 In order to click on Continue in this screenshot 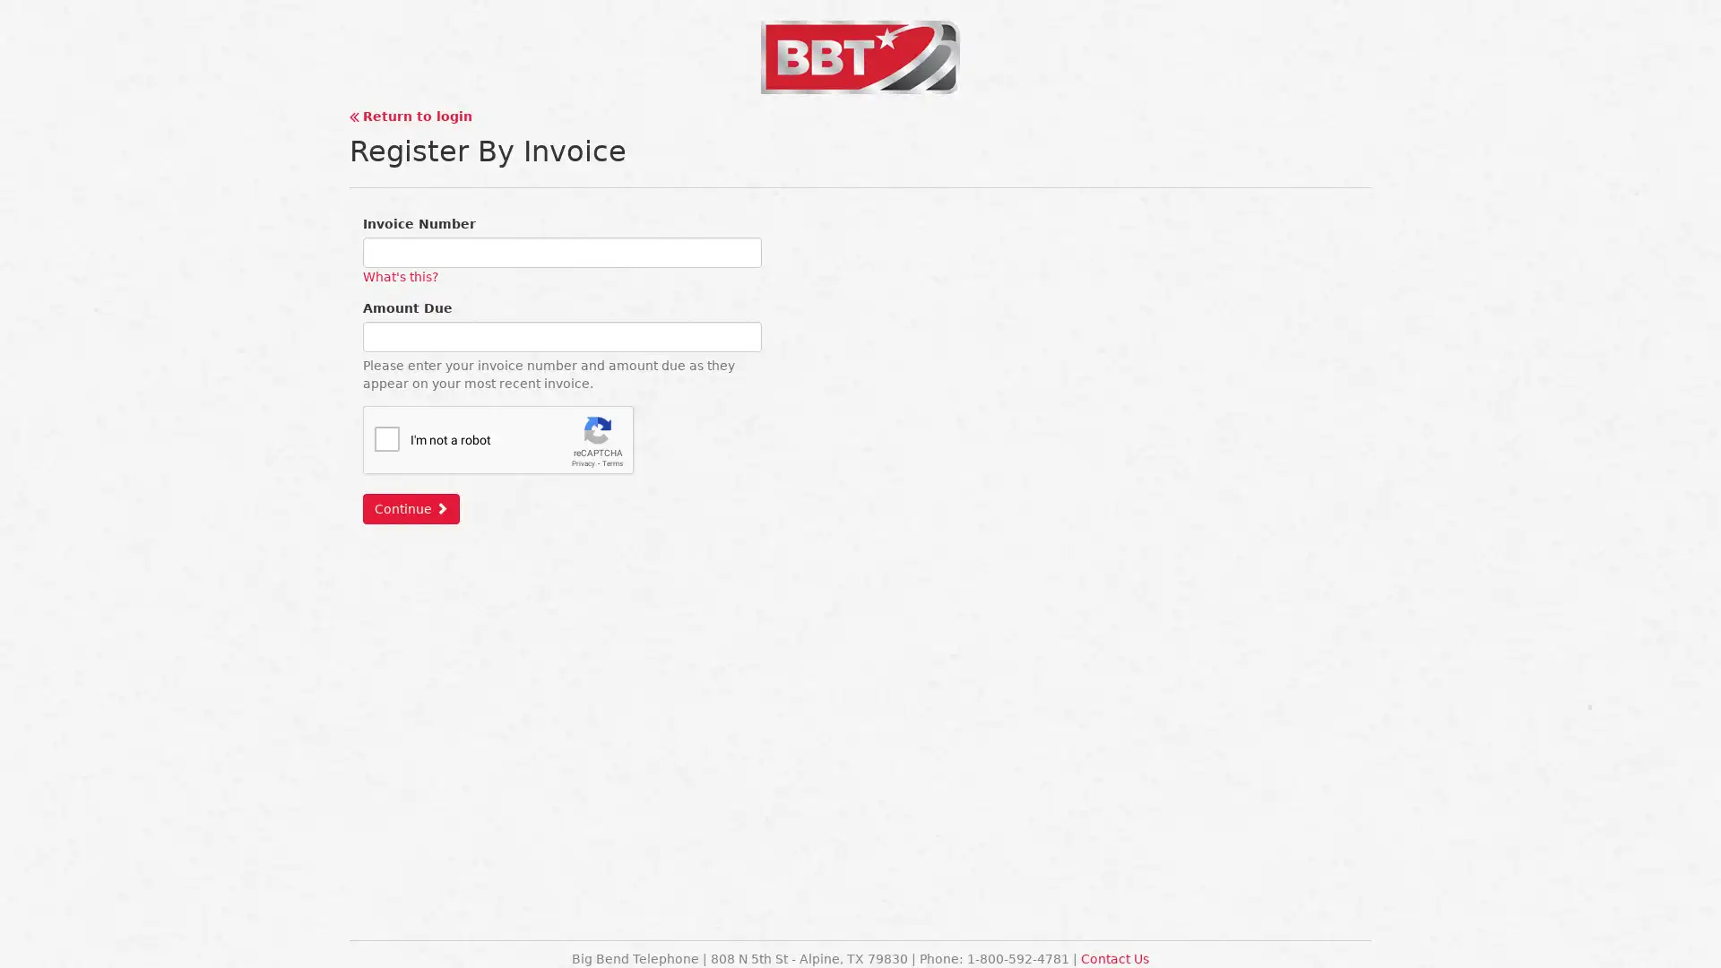, I will do `click(411, 508)`.